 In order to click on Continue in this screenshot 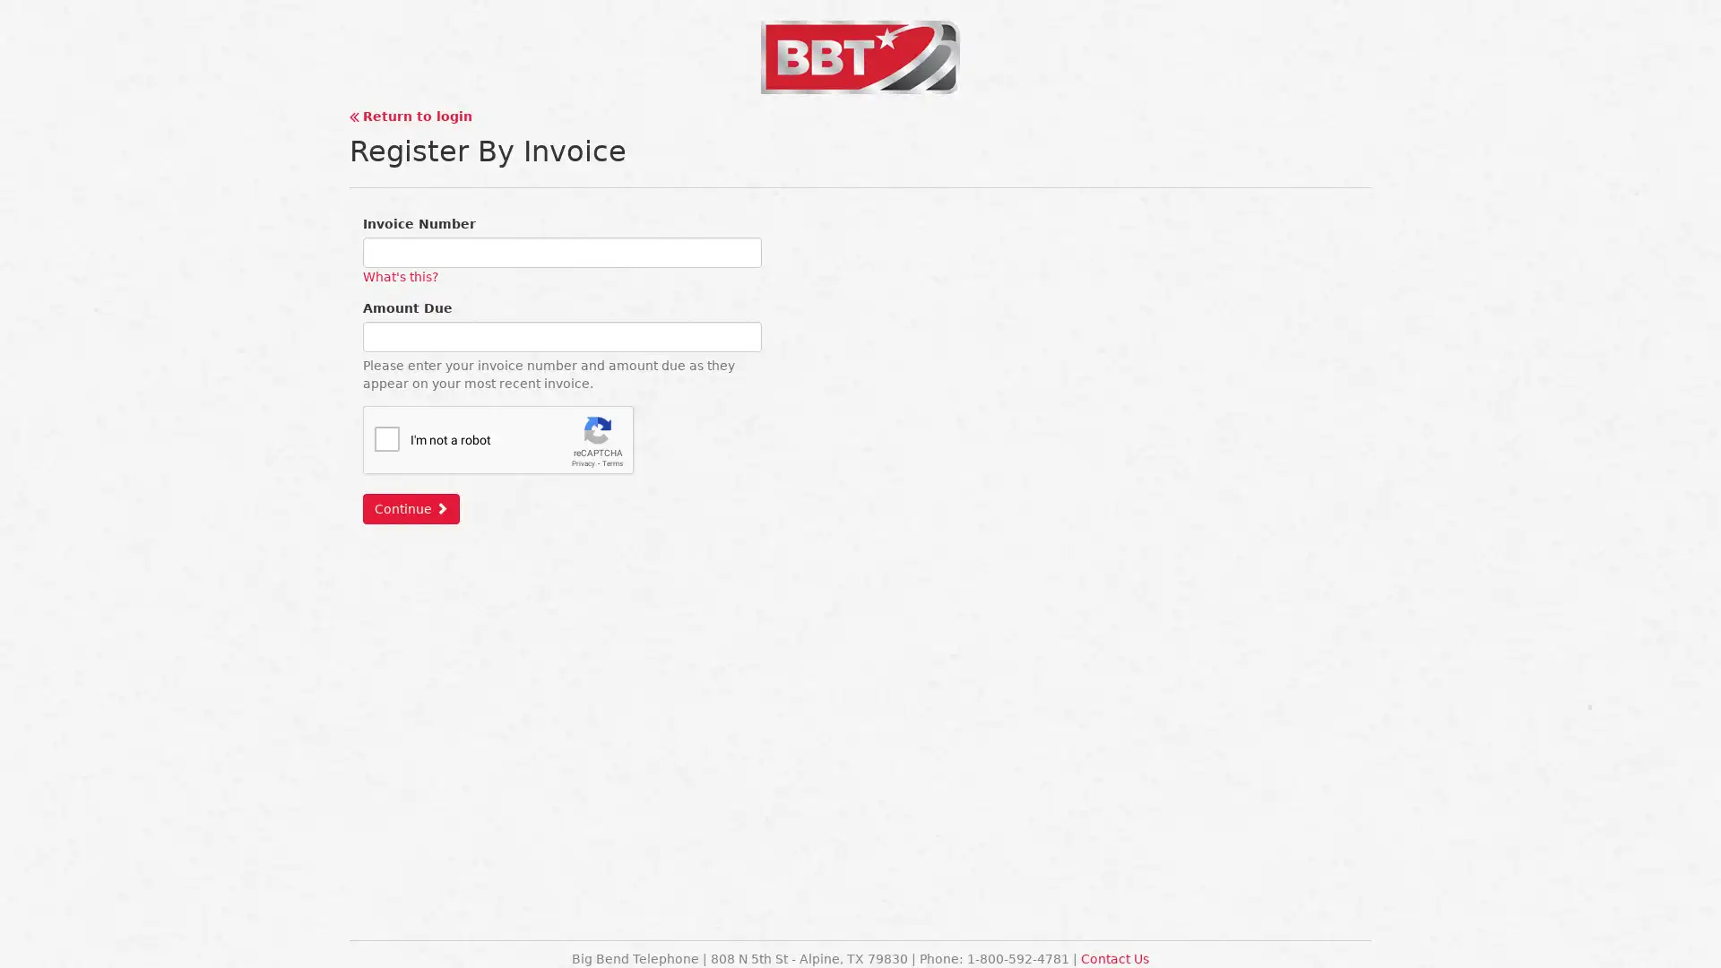, I will do `click(411, 508)`.